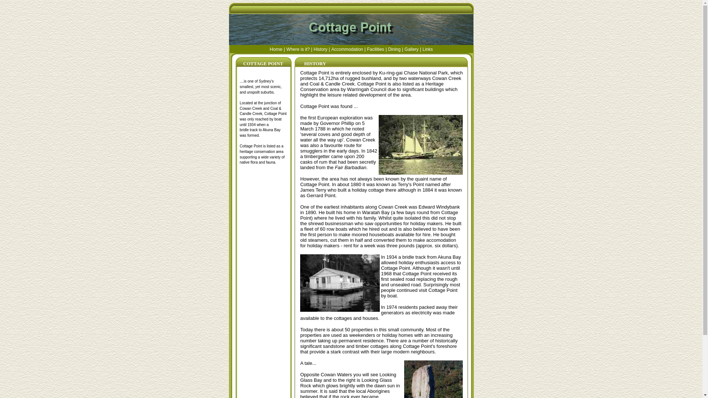  Describe the element at coordinates (320, 49) in the screenshot. I see `'History'` at that location.